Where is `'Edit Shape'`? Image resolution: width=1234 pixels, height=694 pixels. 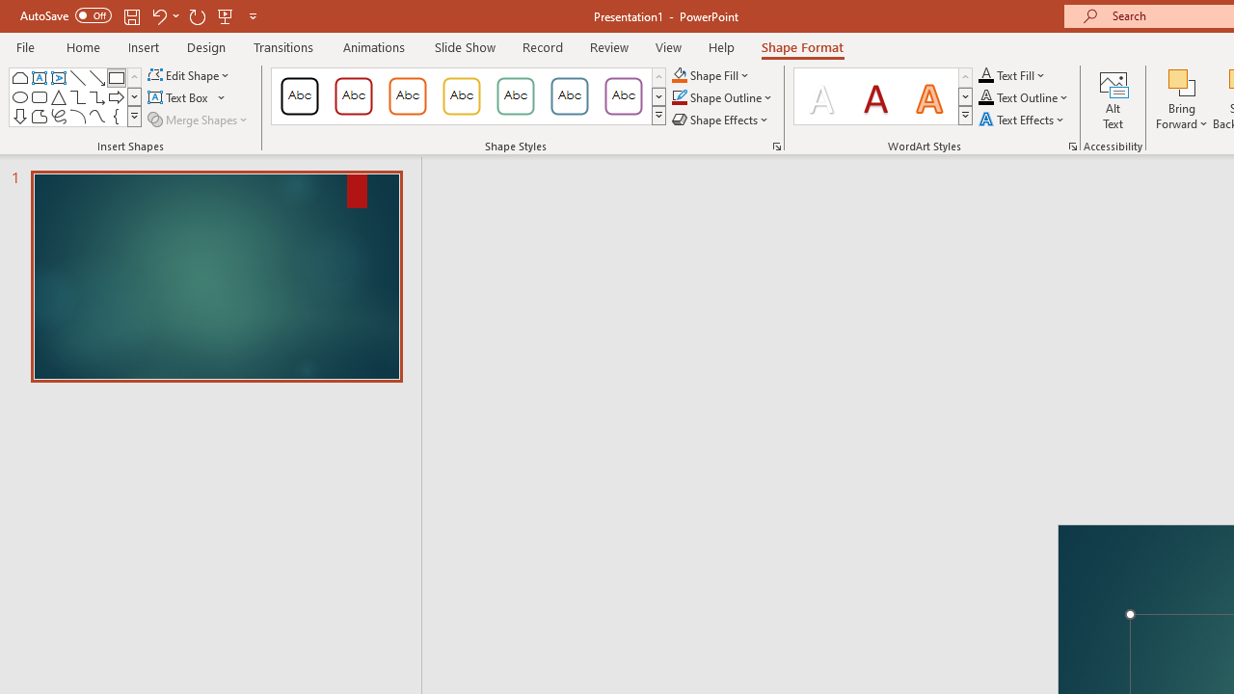
'Edit Shape' is located at coordinates (190, 74).